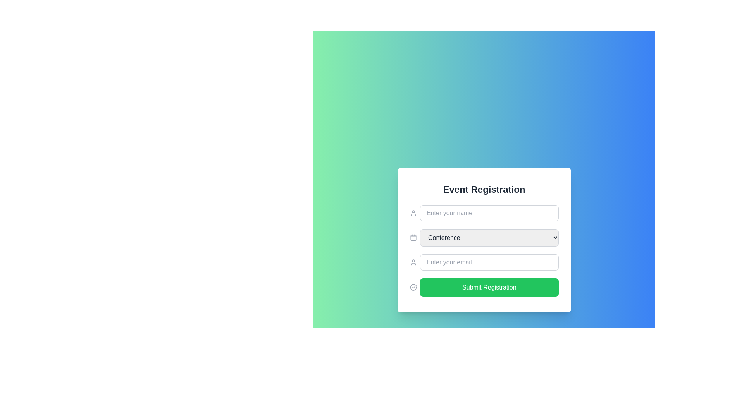 Image resolution: width=744 pixels, height=418 pixels. Describe the element at coordinates (413, 287) in the screenshot. I see `the circular gray checkmark icon located to the left of the green 'Submit Registration' button` at that location.